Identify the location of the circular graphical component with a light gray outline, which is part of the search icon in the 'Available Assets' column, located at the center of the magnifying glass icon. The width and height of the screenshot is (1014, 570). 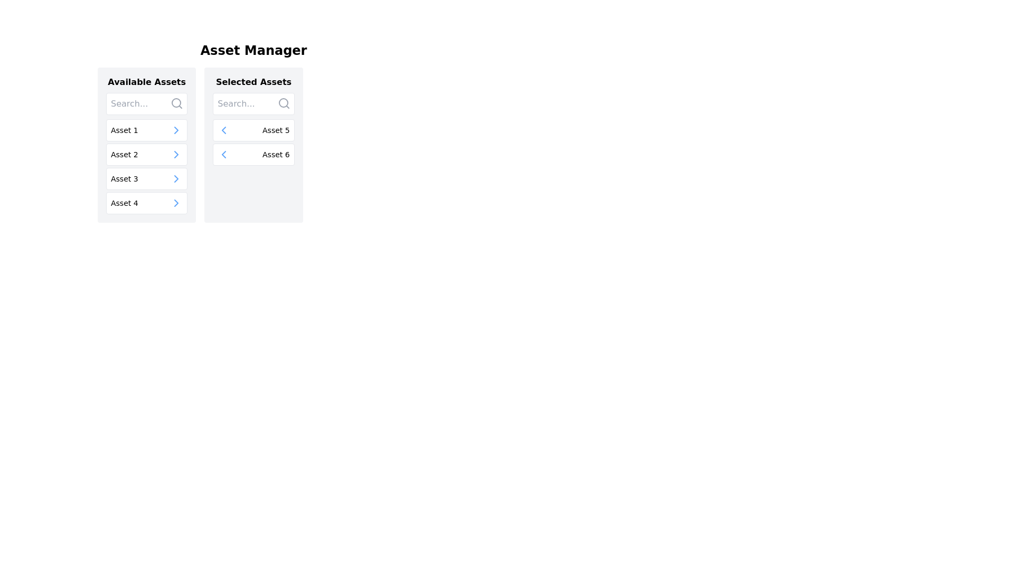
(176, 103).